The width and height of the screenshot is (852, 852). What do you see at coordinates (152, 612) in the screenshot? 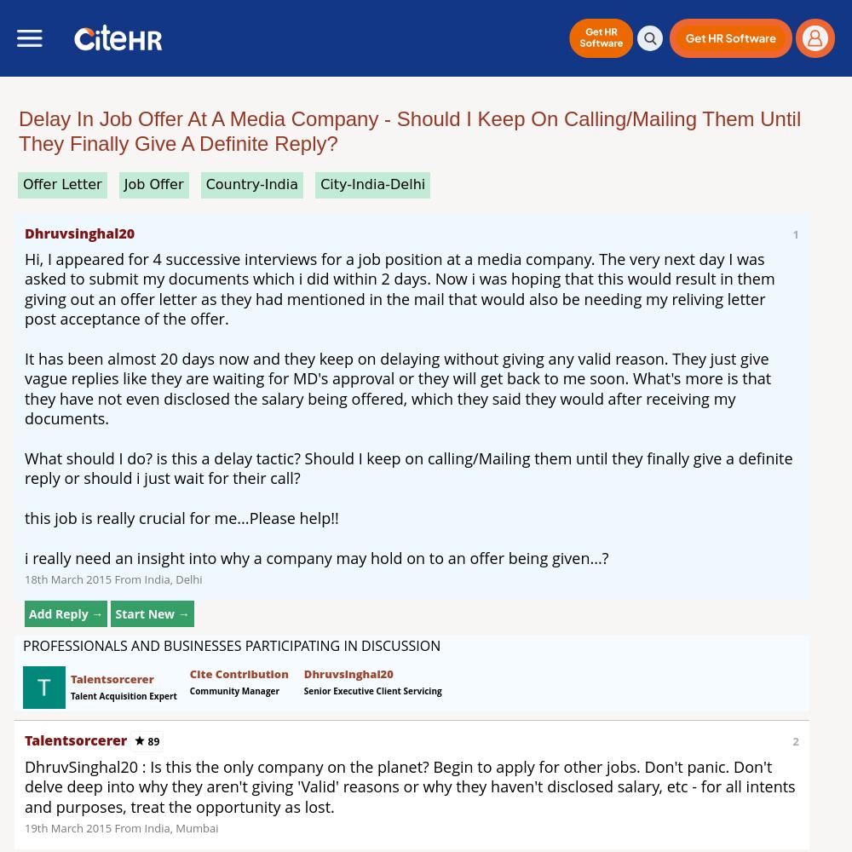
I see `'Start New →'` at bounding box center [152, 612].